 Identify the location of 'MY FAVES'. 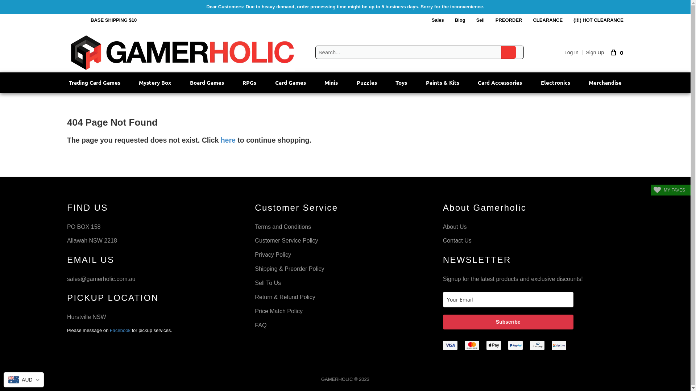
(670, 189).